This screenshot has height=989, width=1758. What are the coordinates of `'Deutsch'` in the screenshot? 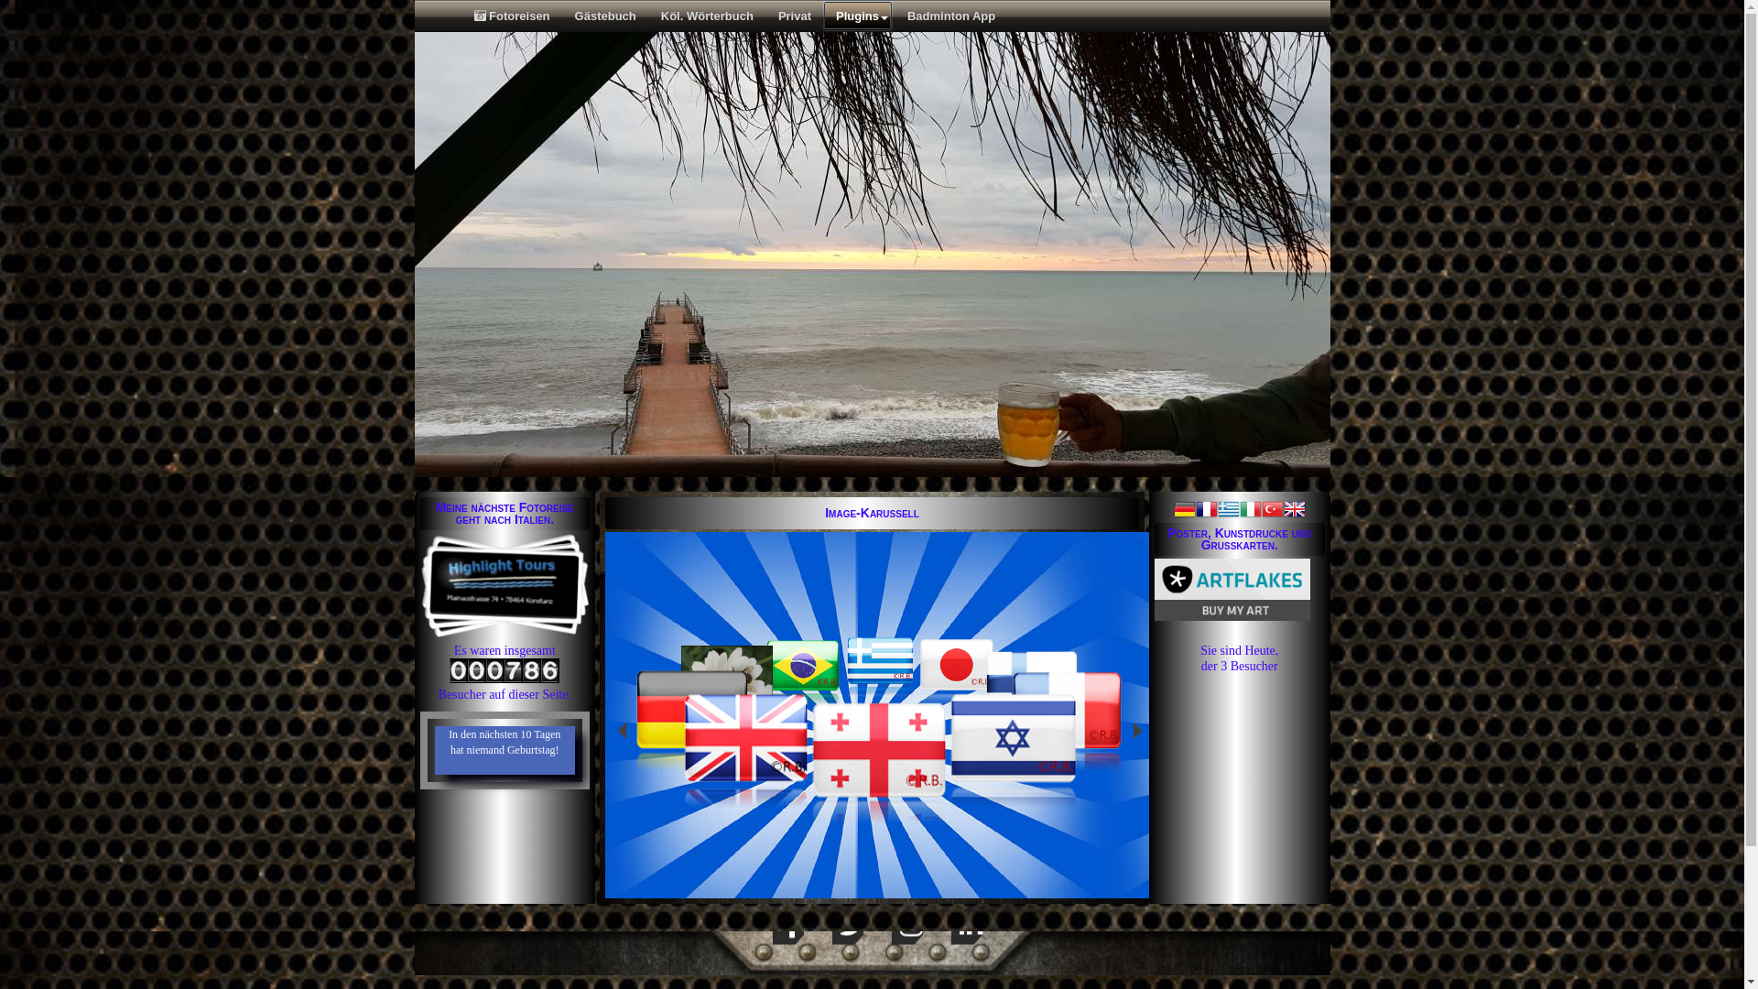 It's located at (1185, 512).